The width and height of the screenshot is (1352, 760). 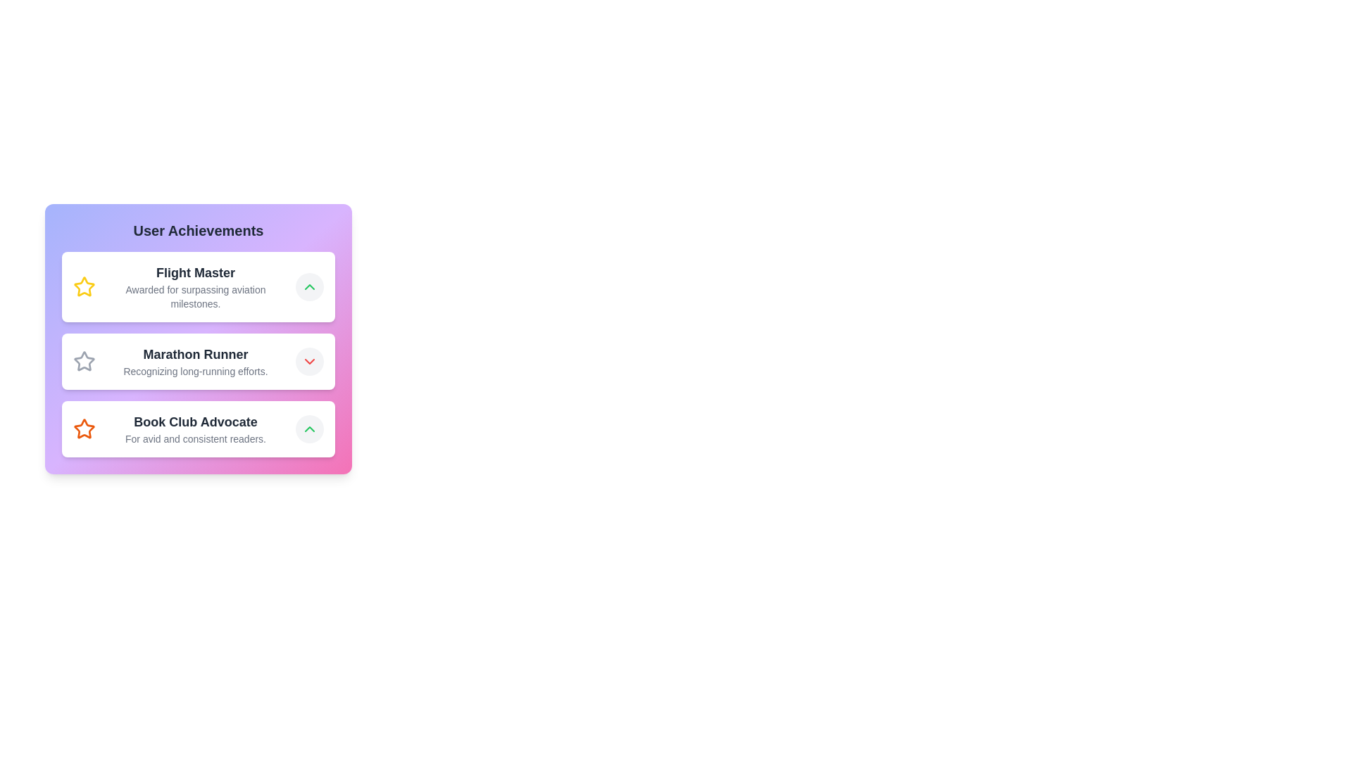 What do you see at coordinates (84, 428) in the screenshot?
I see `the orange star icon representing the 'Book Club Advocate' achievement, which is located to the left of its label in the User Achievements list` at bounding box center [84, 428].